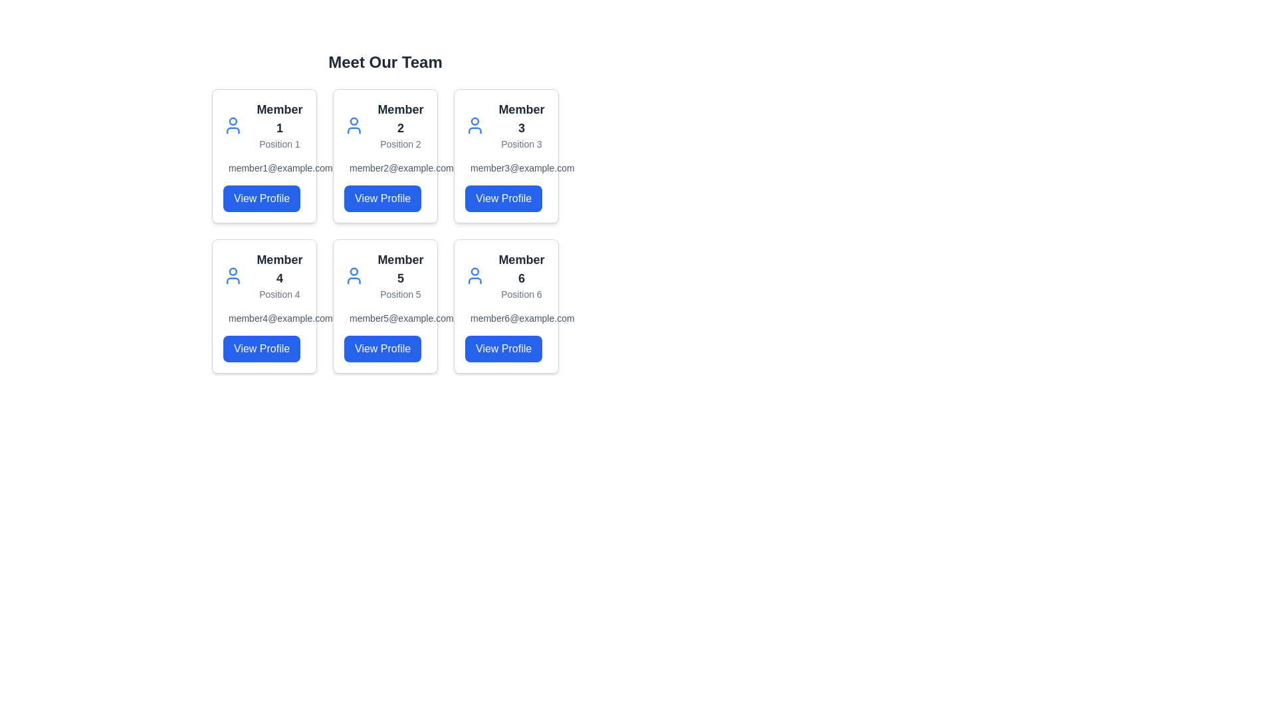 This screenshot has width=1276, height=718. I want to click on the static text label reading 'Position 1', which is located below 'Member 1' in the top-left card of the grid layout, so click(278, 144).